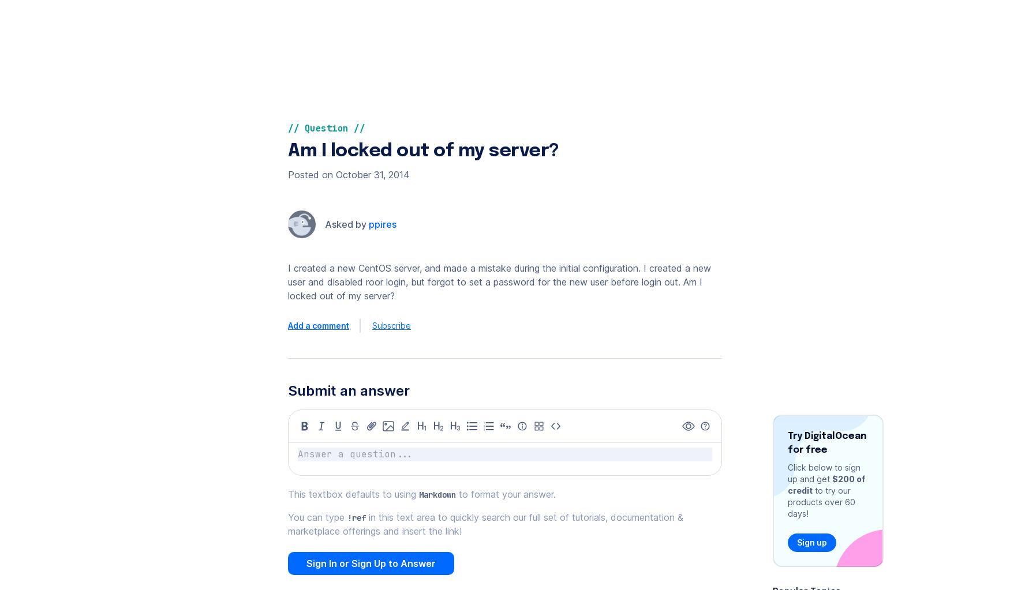 The width and height of the screenshot is (1010, 590). I want to click on 'Getting started with Go', so click(615, 35).